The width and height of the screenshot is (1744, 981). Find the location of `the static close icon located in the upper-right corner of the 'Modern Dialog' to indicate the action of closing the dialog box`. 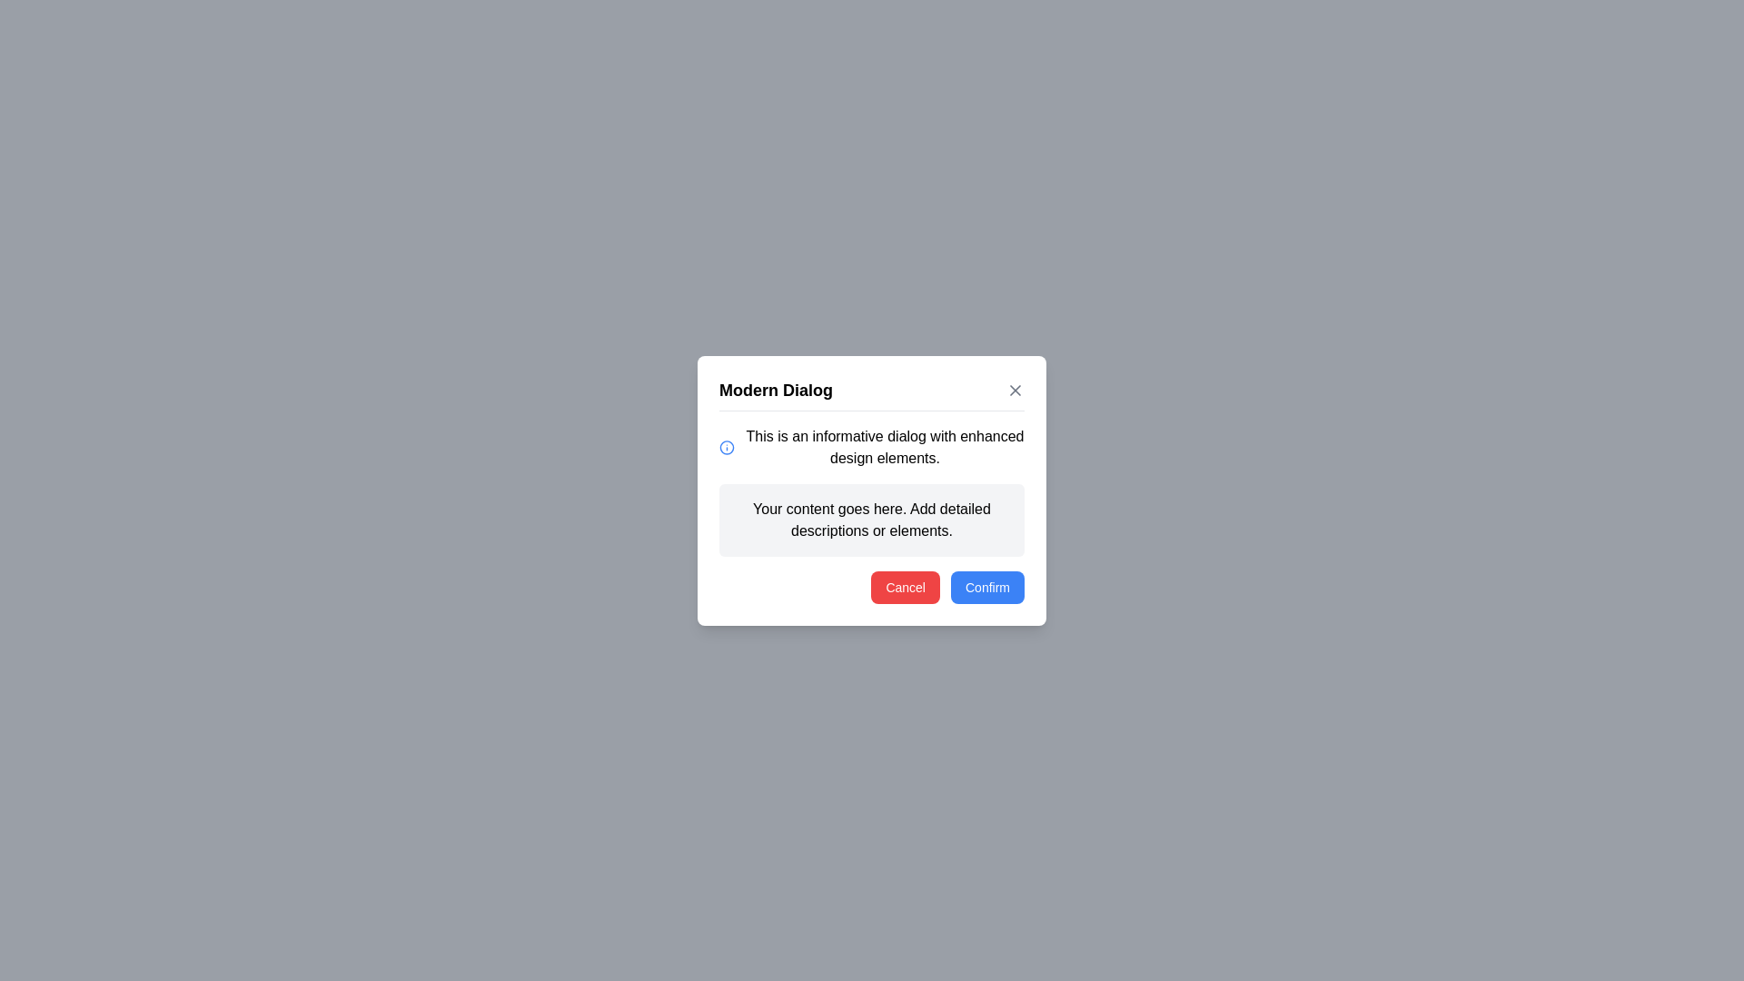

the static close icon located in the upper-right corner of the 'Modern Dialog' to indicate the action of closing the dialog box is located at coordinates (1015, 389).